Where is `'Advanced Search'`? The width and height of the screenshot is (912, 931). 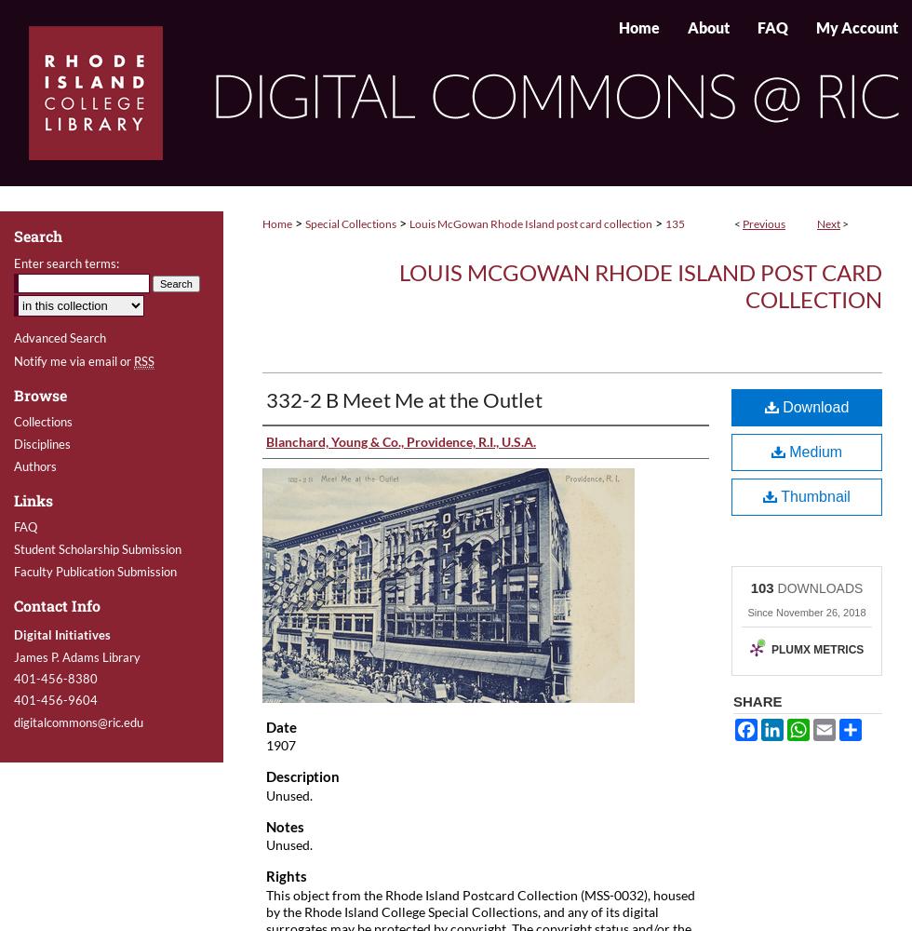
'Advanced Search' is located at coordinates (13, 337).